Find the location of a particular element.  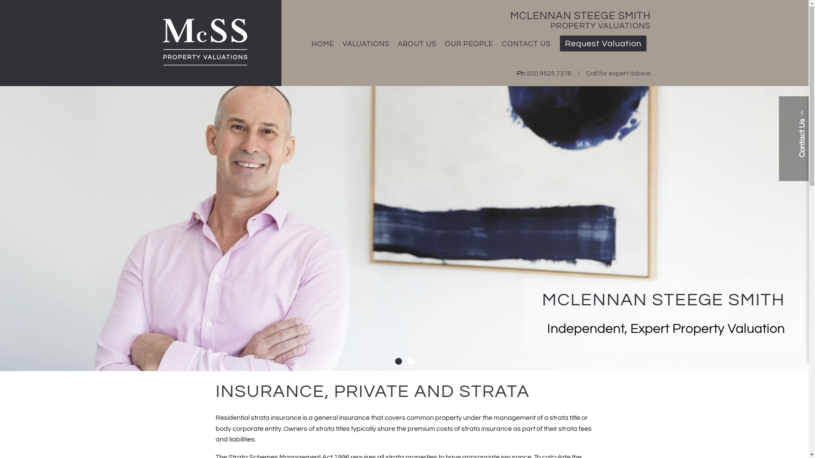

'VALUATIONS' is located at coordinates (365, 44).